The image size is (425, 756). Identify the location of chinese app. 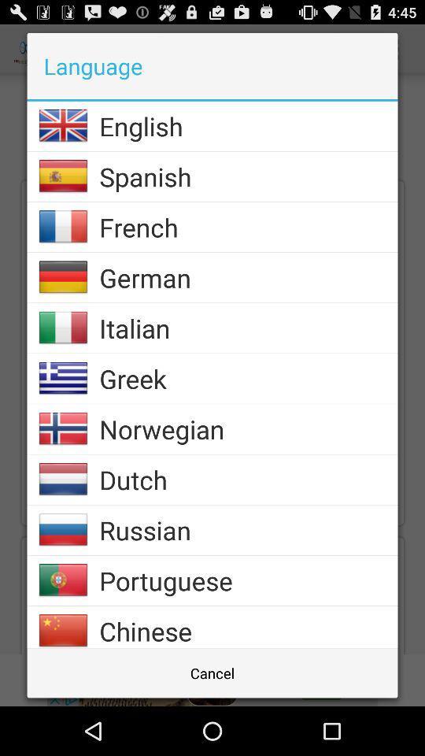
(248, 631).